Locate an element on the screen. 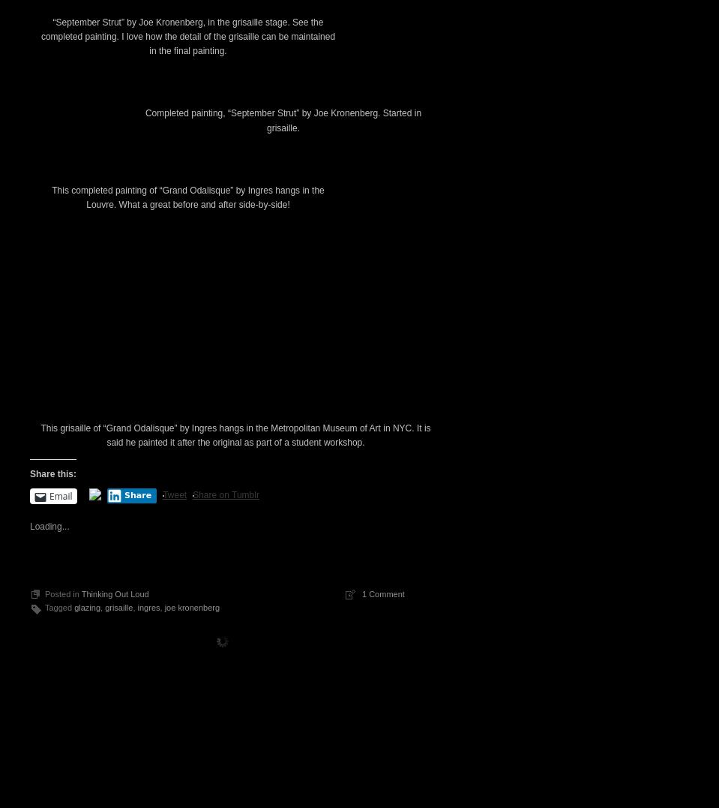  'Email' is located at coordinates (61, 752).